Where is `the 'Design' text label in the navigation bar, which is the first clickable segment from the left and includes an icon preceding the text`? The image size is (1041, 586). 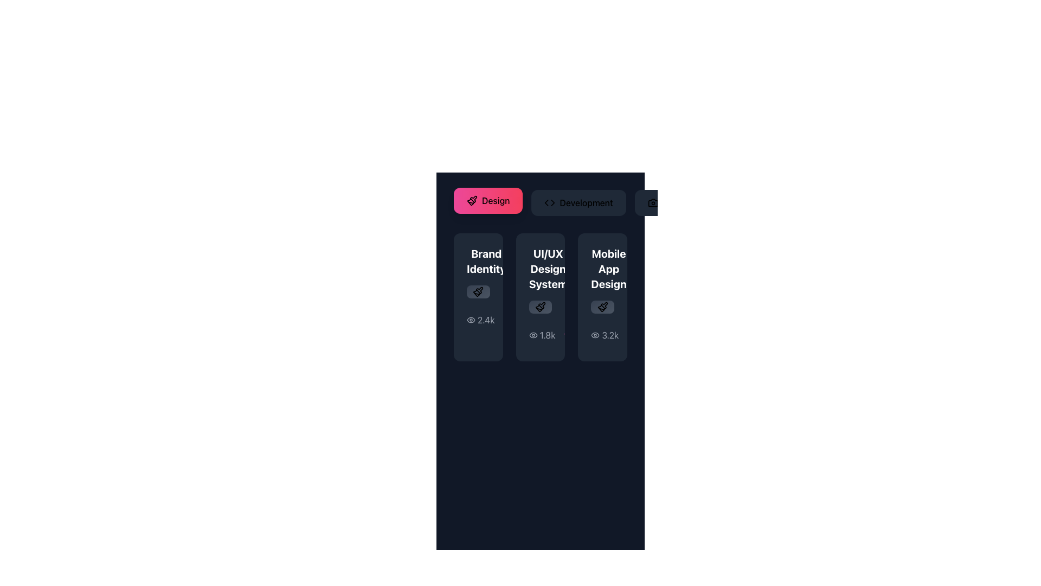
the 'Design' text label in the navigation bar, which is the first clickable segment from the left and includes an icon preceding the text is located at coordinates (495, 201).